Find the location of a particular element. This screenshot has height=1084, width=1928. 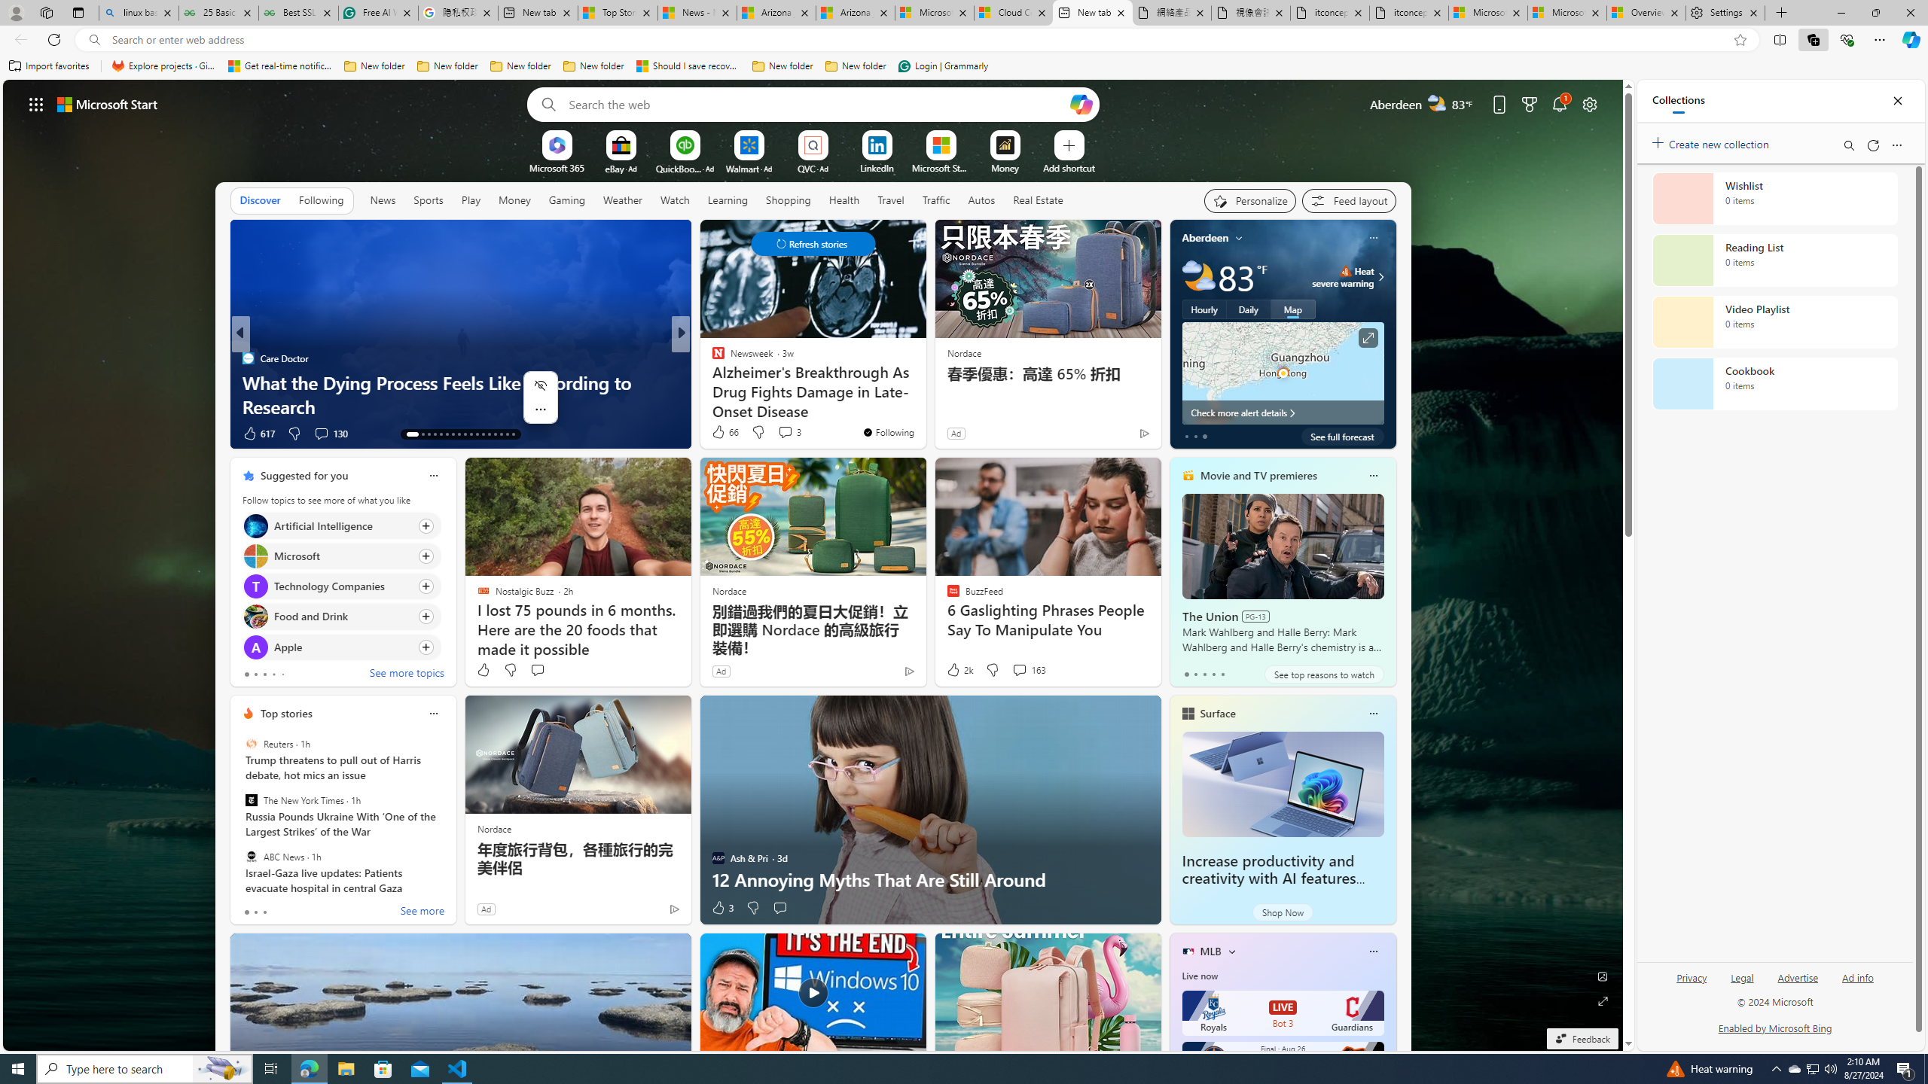

'2k Like' is located at coordinates (958, 668).